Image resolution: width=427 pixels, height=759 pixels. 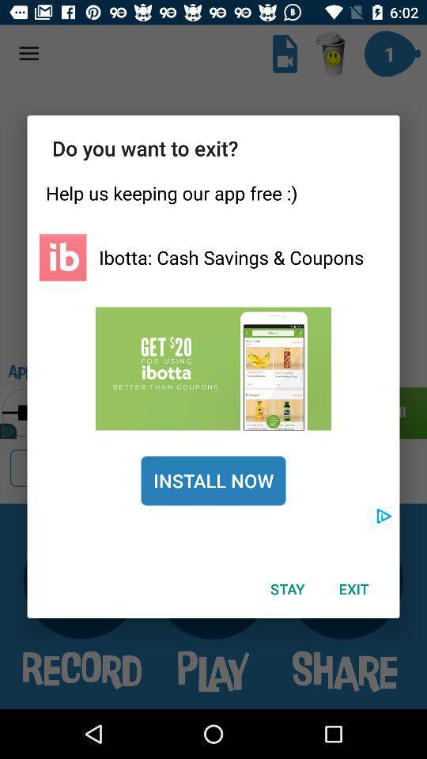 I want to click on the install now icon, so click(x=213, y=480).